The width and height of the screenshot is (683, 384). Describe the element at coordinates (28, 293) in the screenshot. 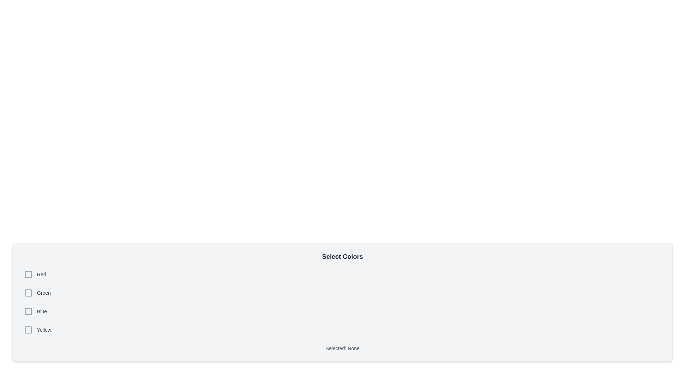

I see `the second checkbox indicator located beside the label 'Green'` at that location.